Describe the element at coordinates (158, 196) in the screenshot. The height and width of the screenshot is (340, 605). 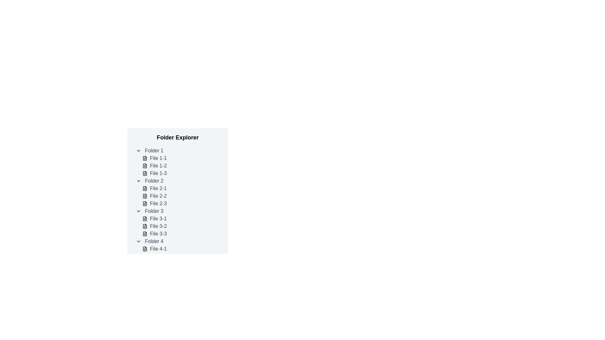
I see `the textual label displaying 'File 2-2' which is part of the file list under 'Folder 2'` at that location.